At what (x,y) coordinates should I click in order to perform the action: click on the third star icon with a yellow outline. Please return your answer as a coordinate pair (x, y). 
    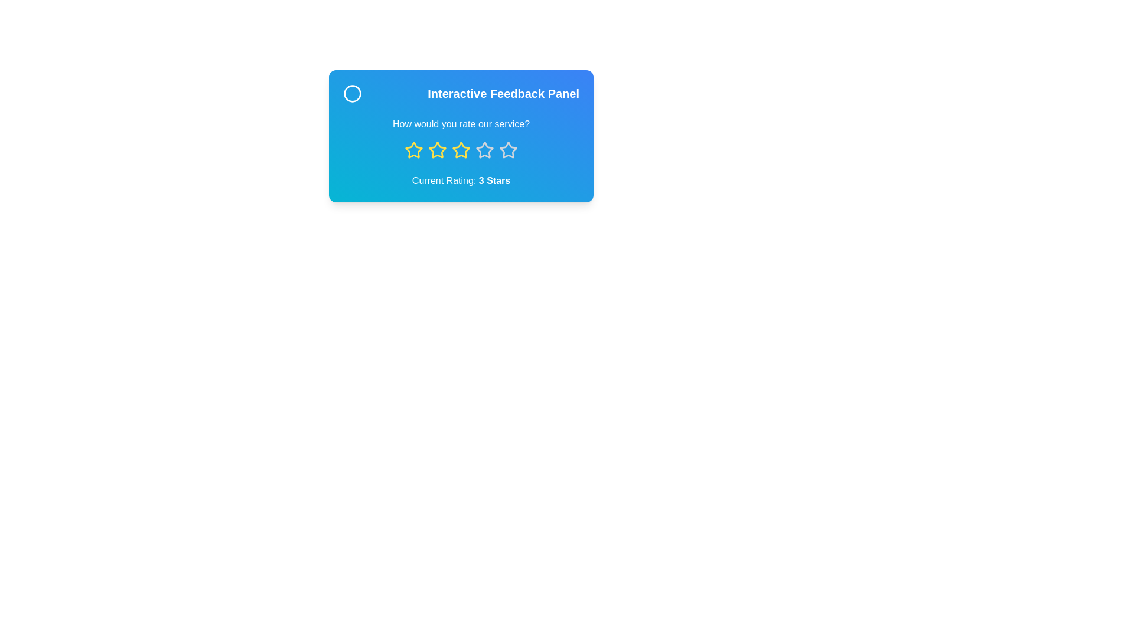
    Looking at the image, I should click on (436, 149).